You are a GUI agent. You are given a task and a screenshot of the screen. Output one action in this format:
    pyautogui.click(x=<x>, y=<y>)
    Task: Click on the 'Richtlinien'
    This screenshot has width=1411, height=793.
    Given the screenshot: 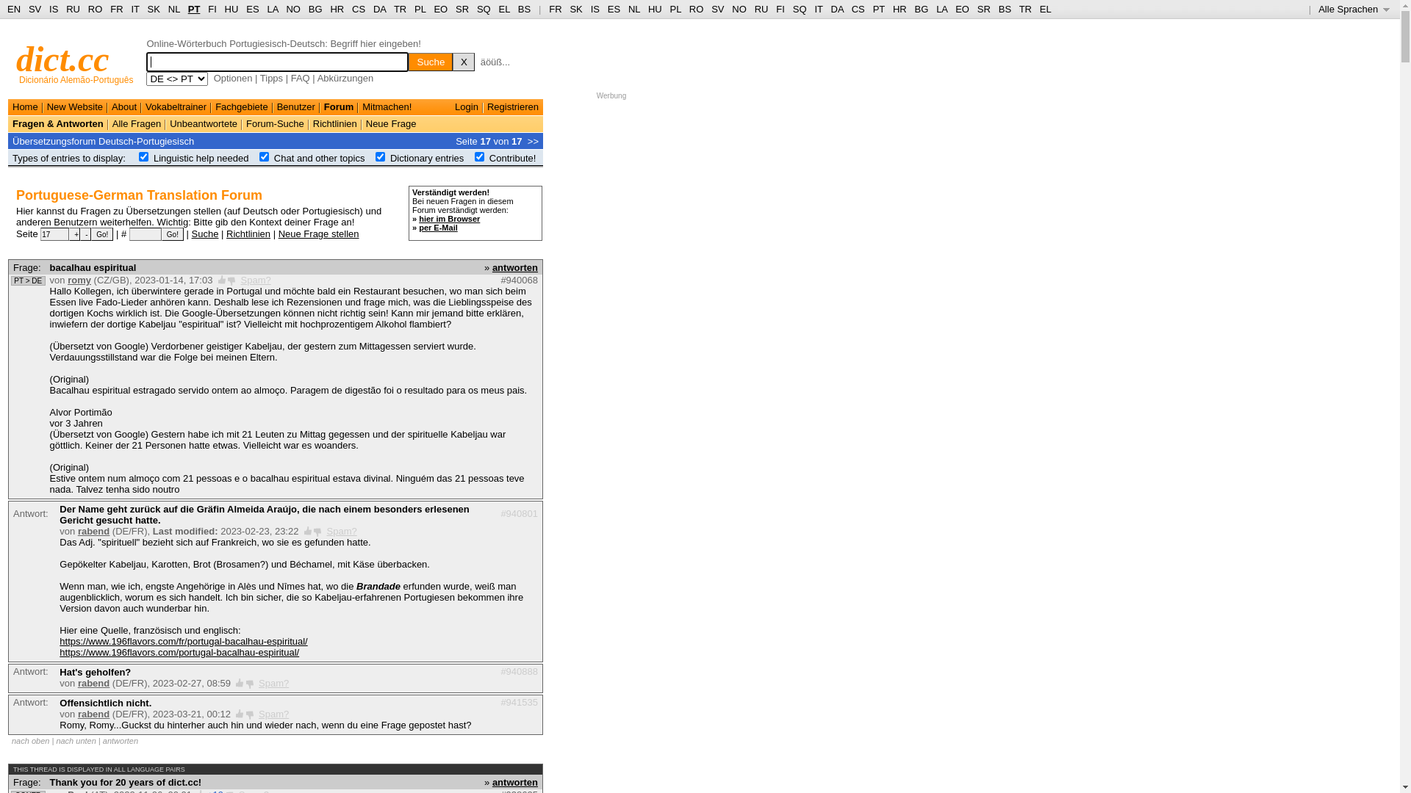 What is the action you would take?
    pyautogui.click(x=248, y=232)
    